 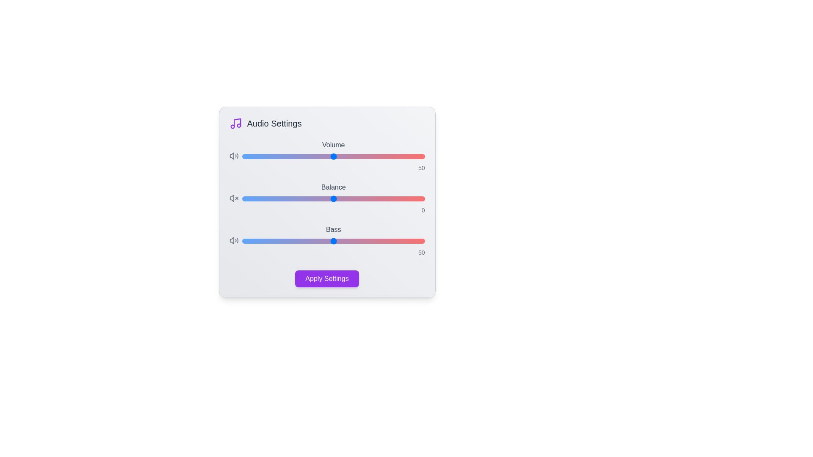 I want to click on the 'Bass' slider to 60, so click(x=351, y=241).